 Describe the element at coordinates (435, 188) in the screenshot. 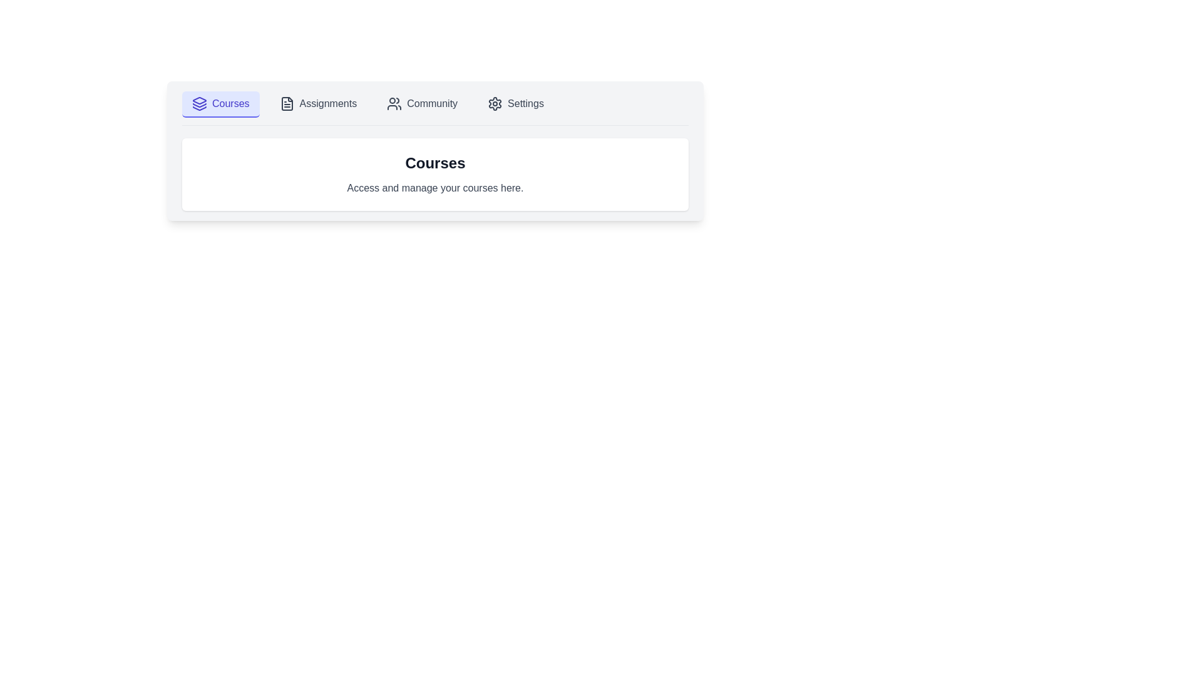

I see `the static text description located below the 'Courses' text for reading` at that location.